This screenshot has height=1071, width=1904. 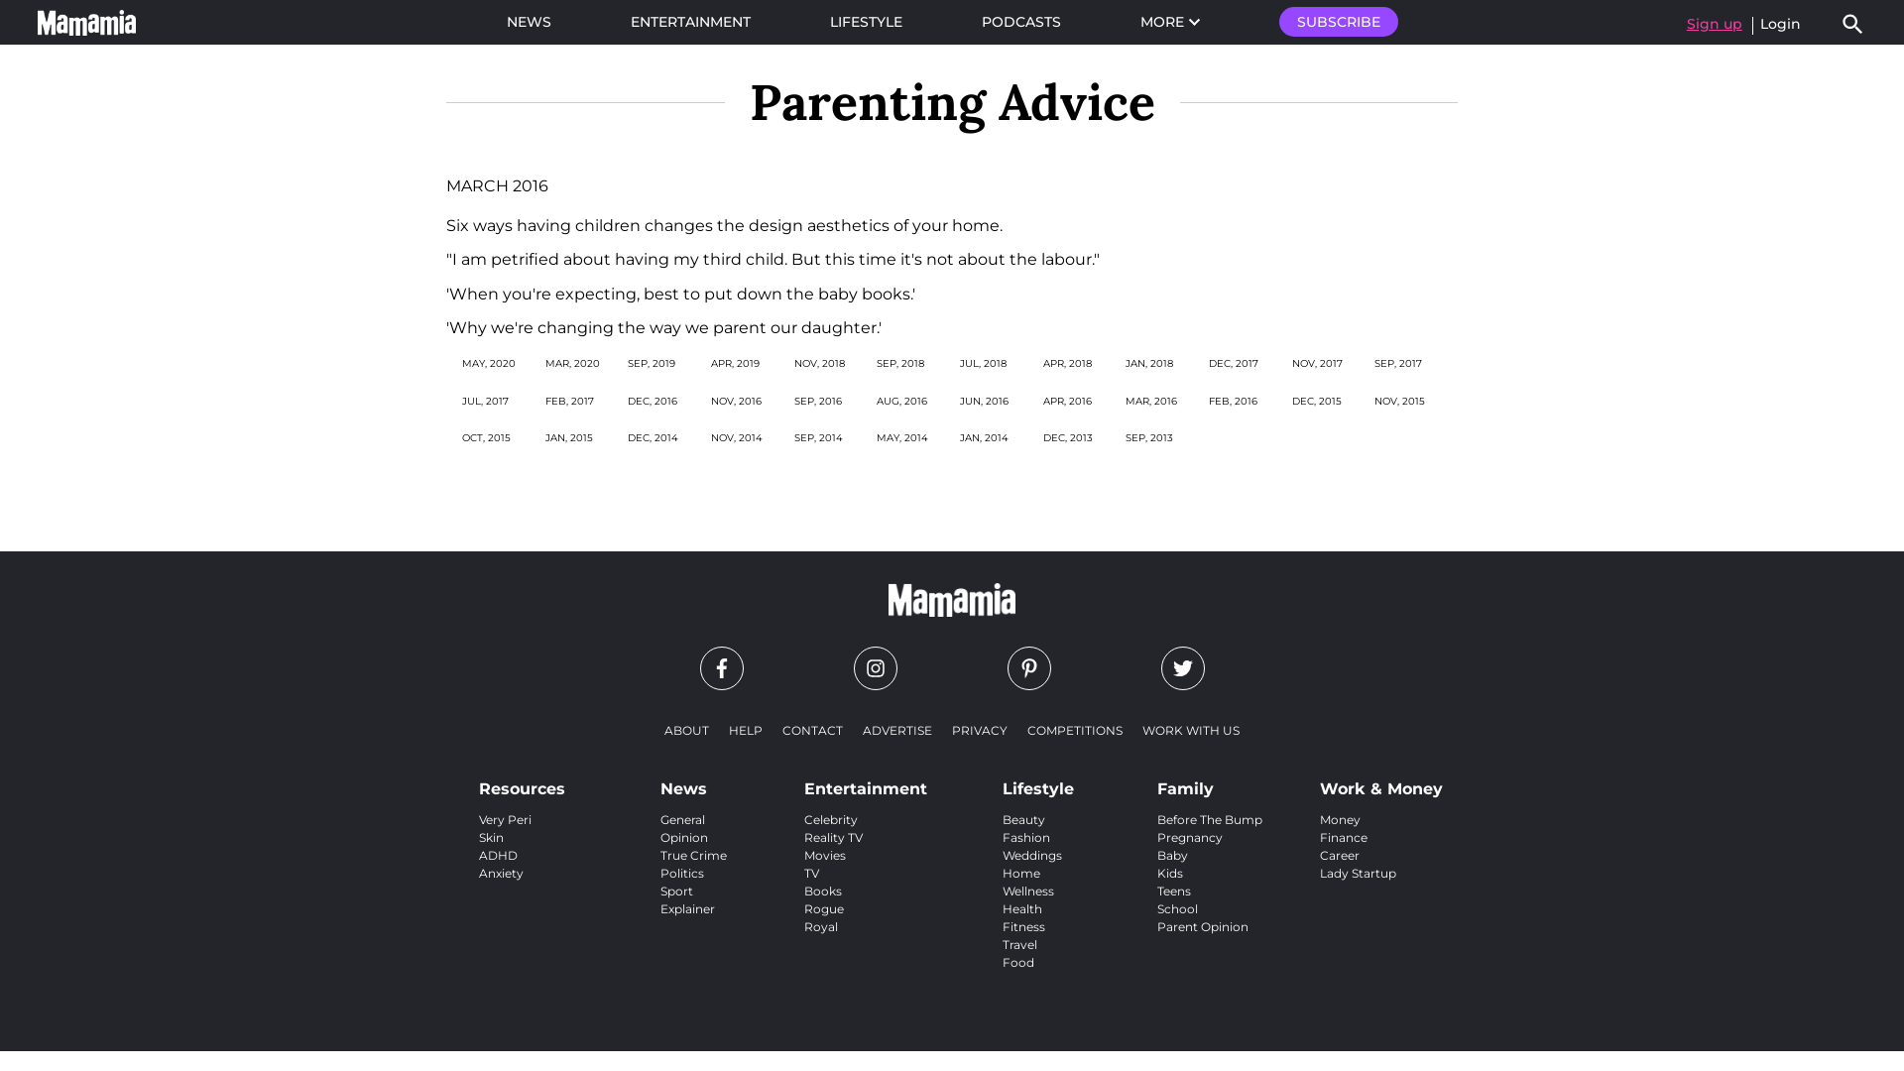 I want to click on 'MAY, 2014', so click(x=875, y=436).